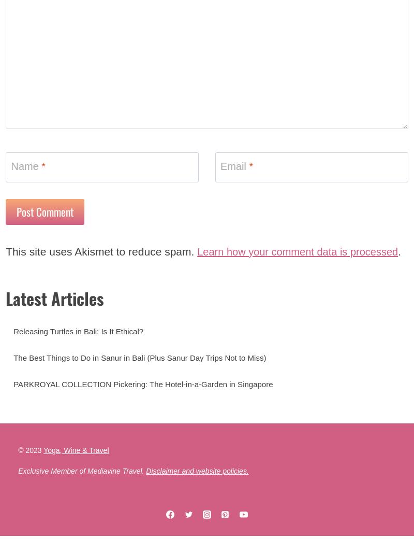  Describe the element at coordinates (234, 174) in the screenshot. I see `'Email'` at that location.